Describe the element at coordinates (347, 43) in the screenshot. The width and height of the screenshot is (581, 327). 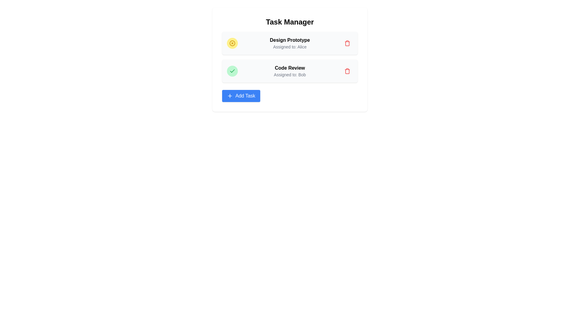
I see `the Trash Icon, which represents the delete action in the task manager interface` at that location.